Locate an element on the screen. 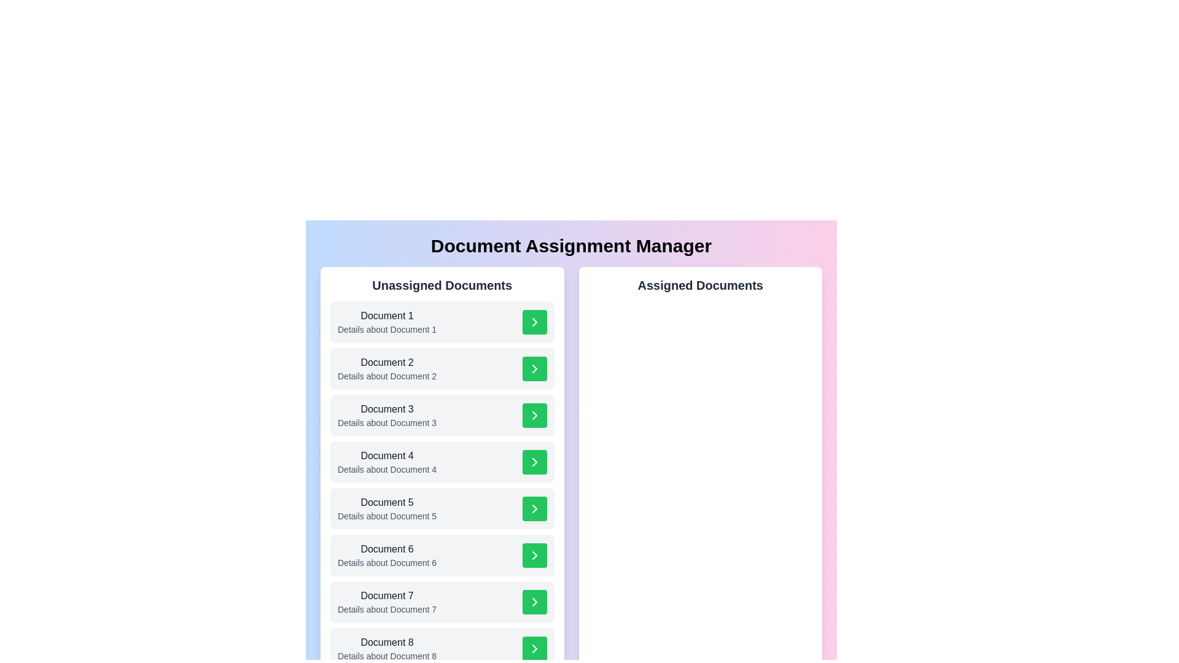 This screenshot has height=663, width=1179. additional information text located below 'Document 4' in the fourth item of the 'Unassigned Documents' list is located at coordinates (386, 469).